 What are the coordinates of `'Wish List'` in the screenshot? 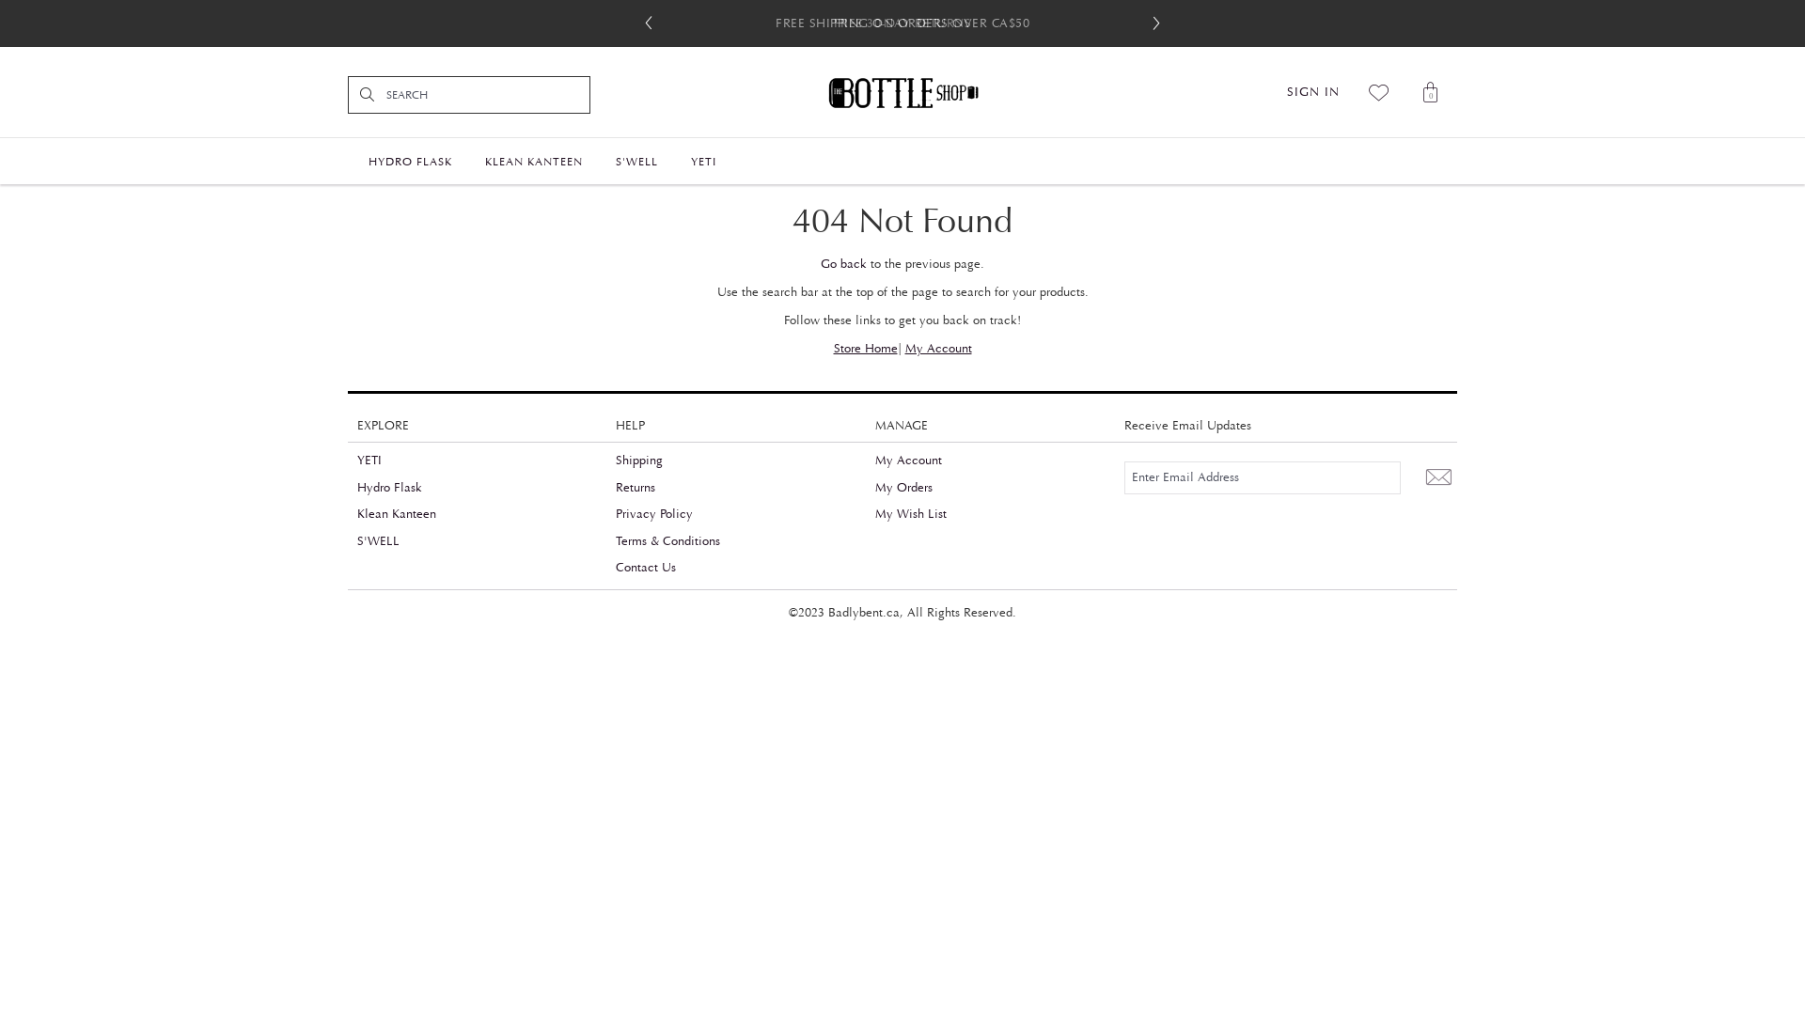 It's located at (1379, 91).